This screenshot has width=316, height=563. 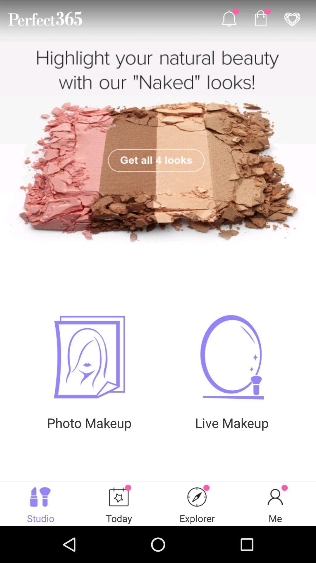 I want to click on the icon on the bottom right corner of the web page, so click(x=275, y=496).